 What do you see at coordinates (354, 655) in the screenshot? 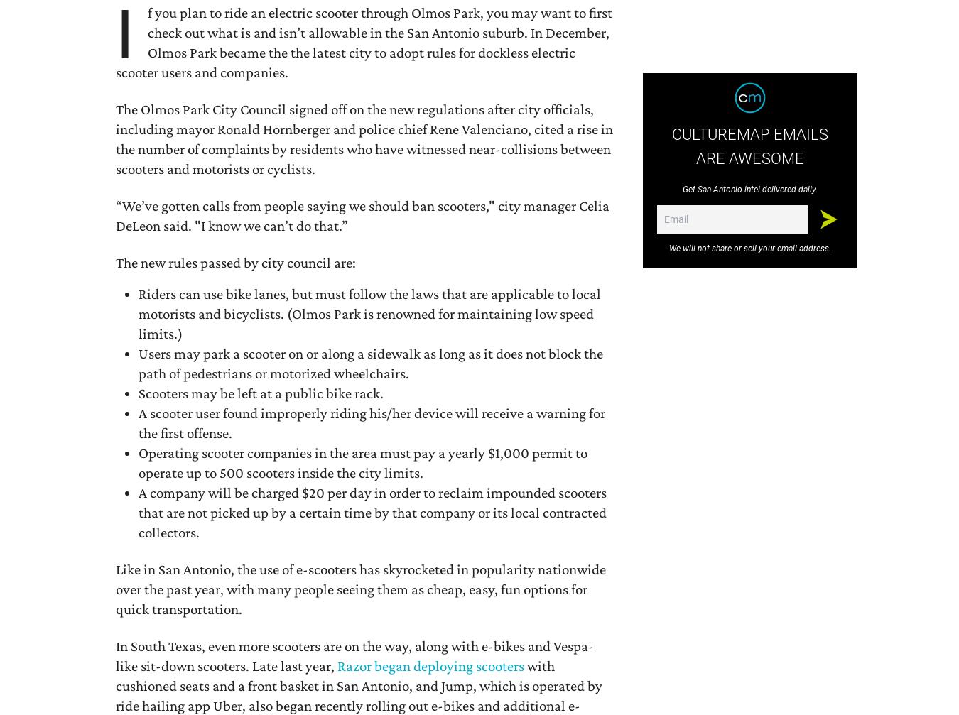
I see `'In South Texas, even more scooters are on the way, along with e-bikes and Vespa-like sit-down scooters. Late last year,'` at bounding box center [354, 655].